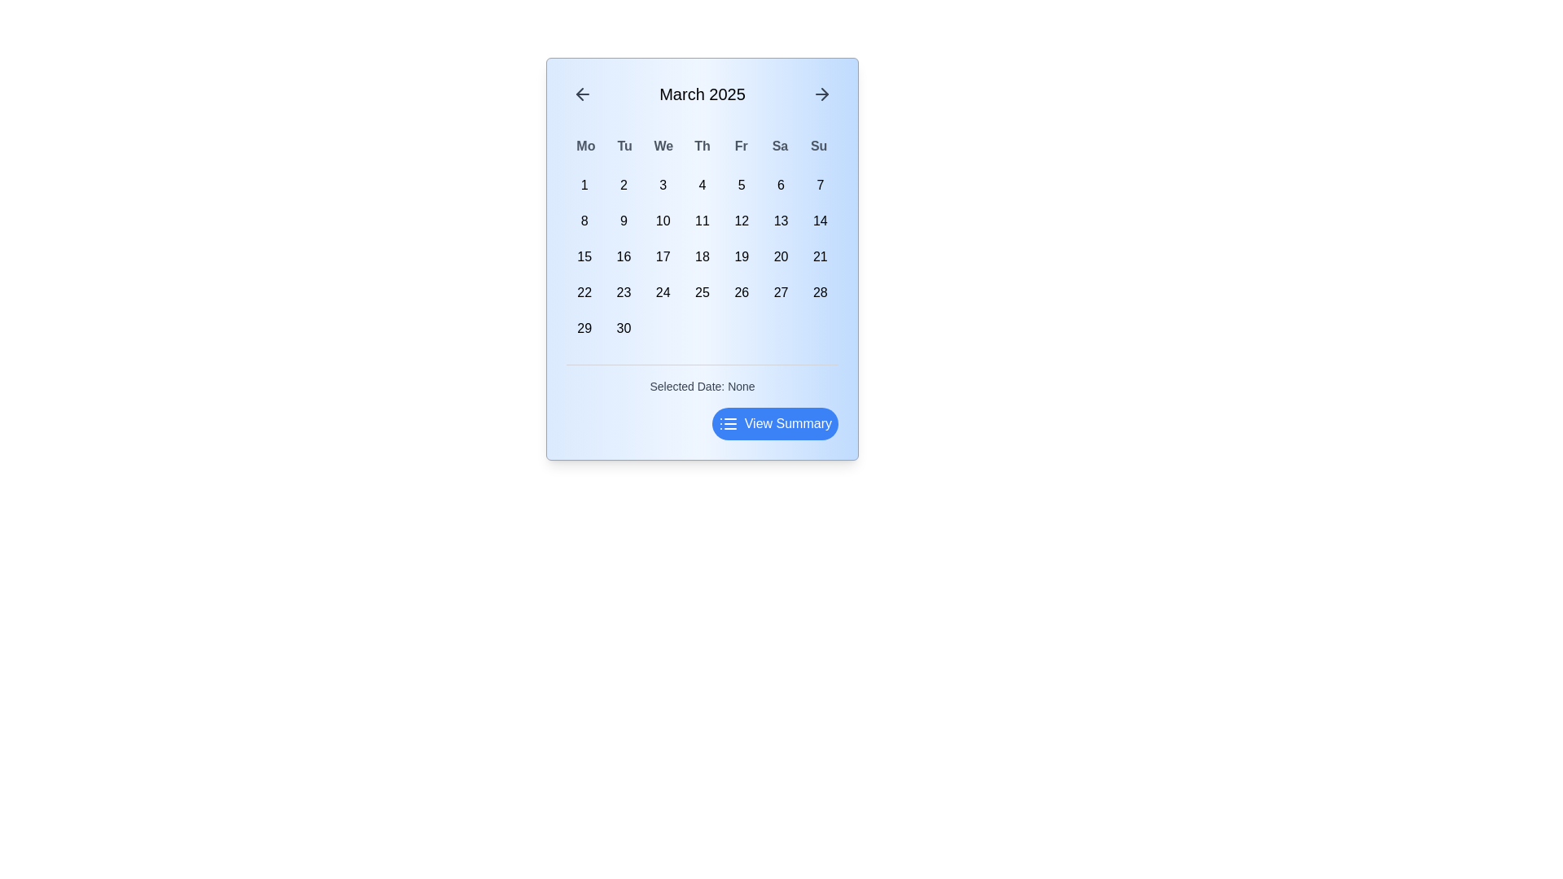 Image resolution: width=1563 pixels, height=879 pixels. What do you see at coordinates (584, 184) in the screenshot?
I see `the first day button in the calendar month` at bounding box center [584, 184].